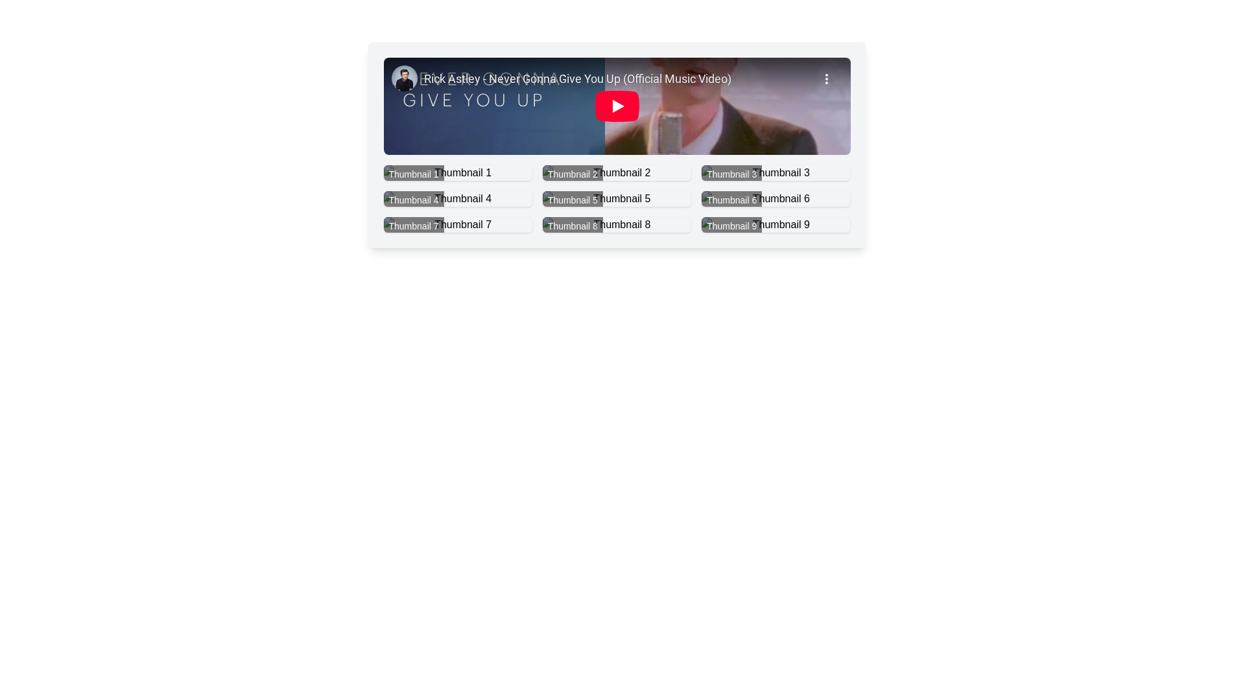  I want to click on the interactive options of the thumbnail serving as a preview for 'Thumbnail 9', located in the bottom right corner of the 3x3 grid, so click(776, 224).